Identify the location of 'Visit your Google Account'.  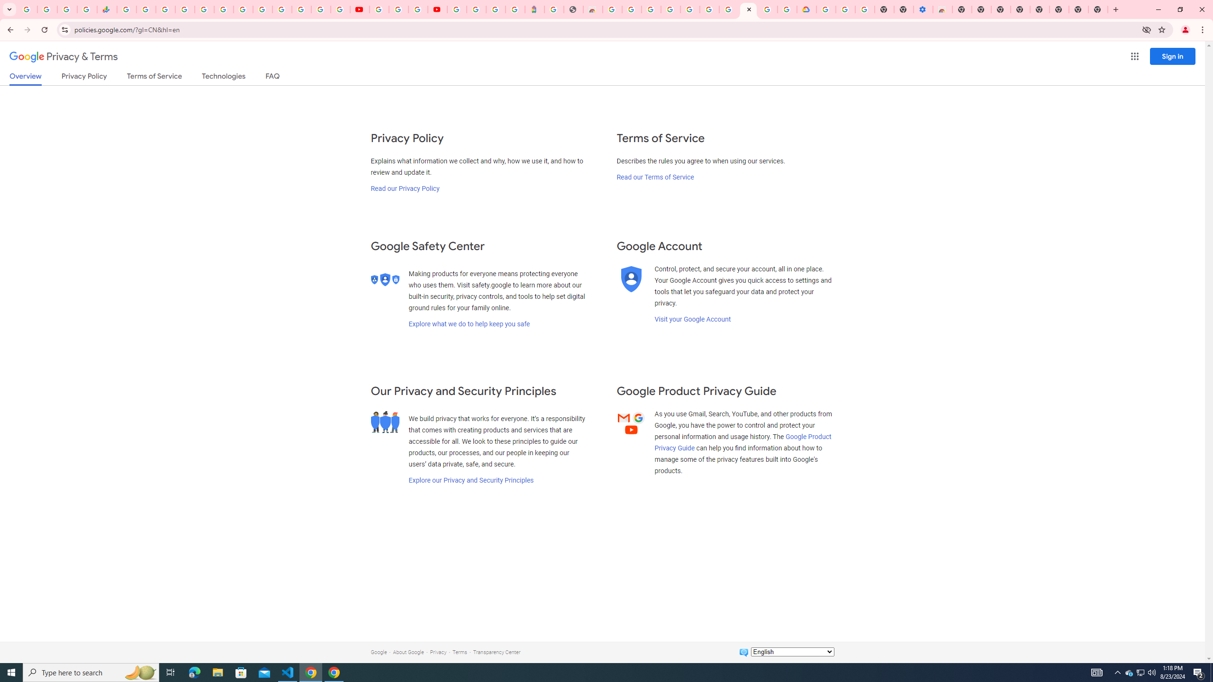
(692, 319).